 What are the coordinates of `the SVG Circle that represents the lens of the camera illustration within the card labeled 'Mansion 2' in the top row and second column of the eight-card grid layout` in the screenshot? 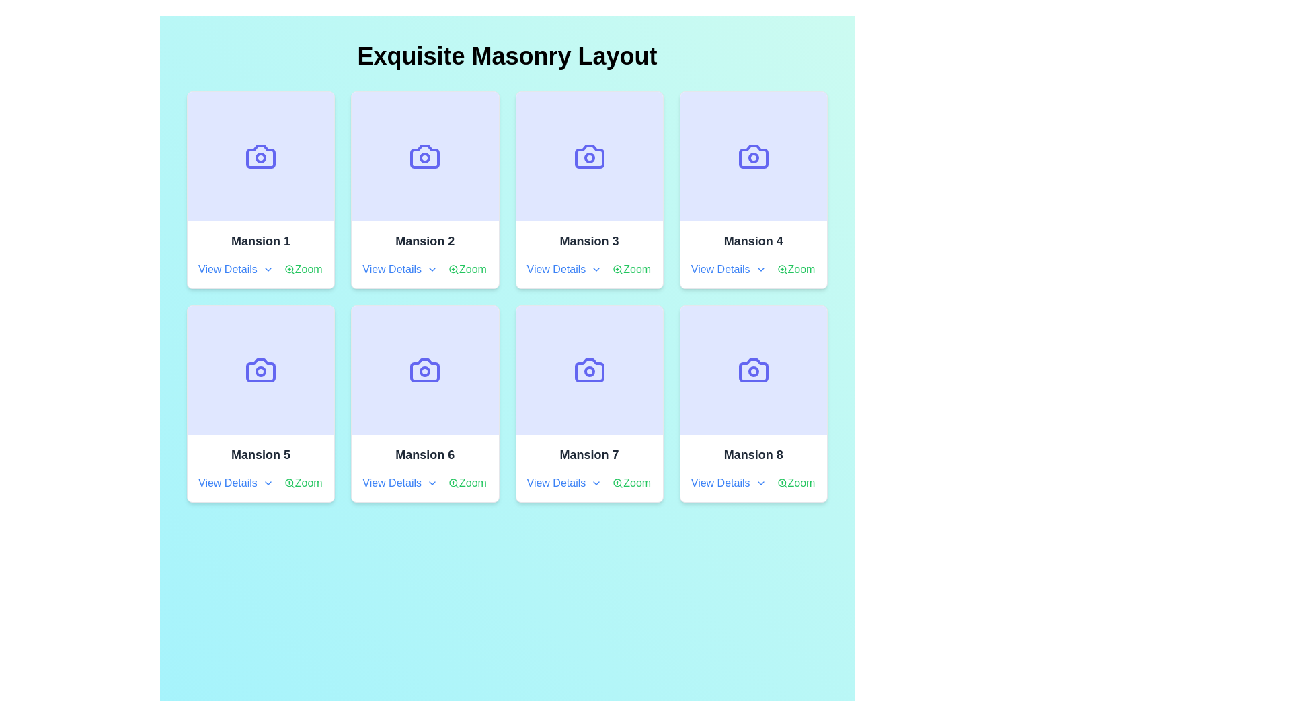 It's located at (424, 157).